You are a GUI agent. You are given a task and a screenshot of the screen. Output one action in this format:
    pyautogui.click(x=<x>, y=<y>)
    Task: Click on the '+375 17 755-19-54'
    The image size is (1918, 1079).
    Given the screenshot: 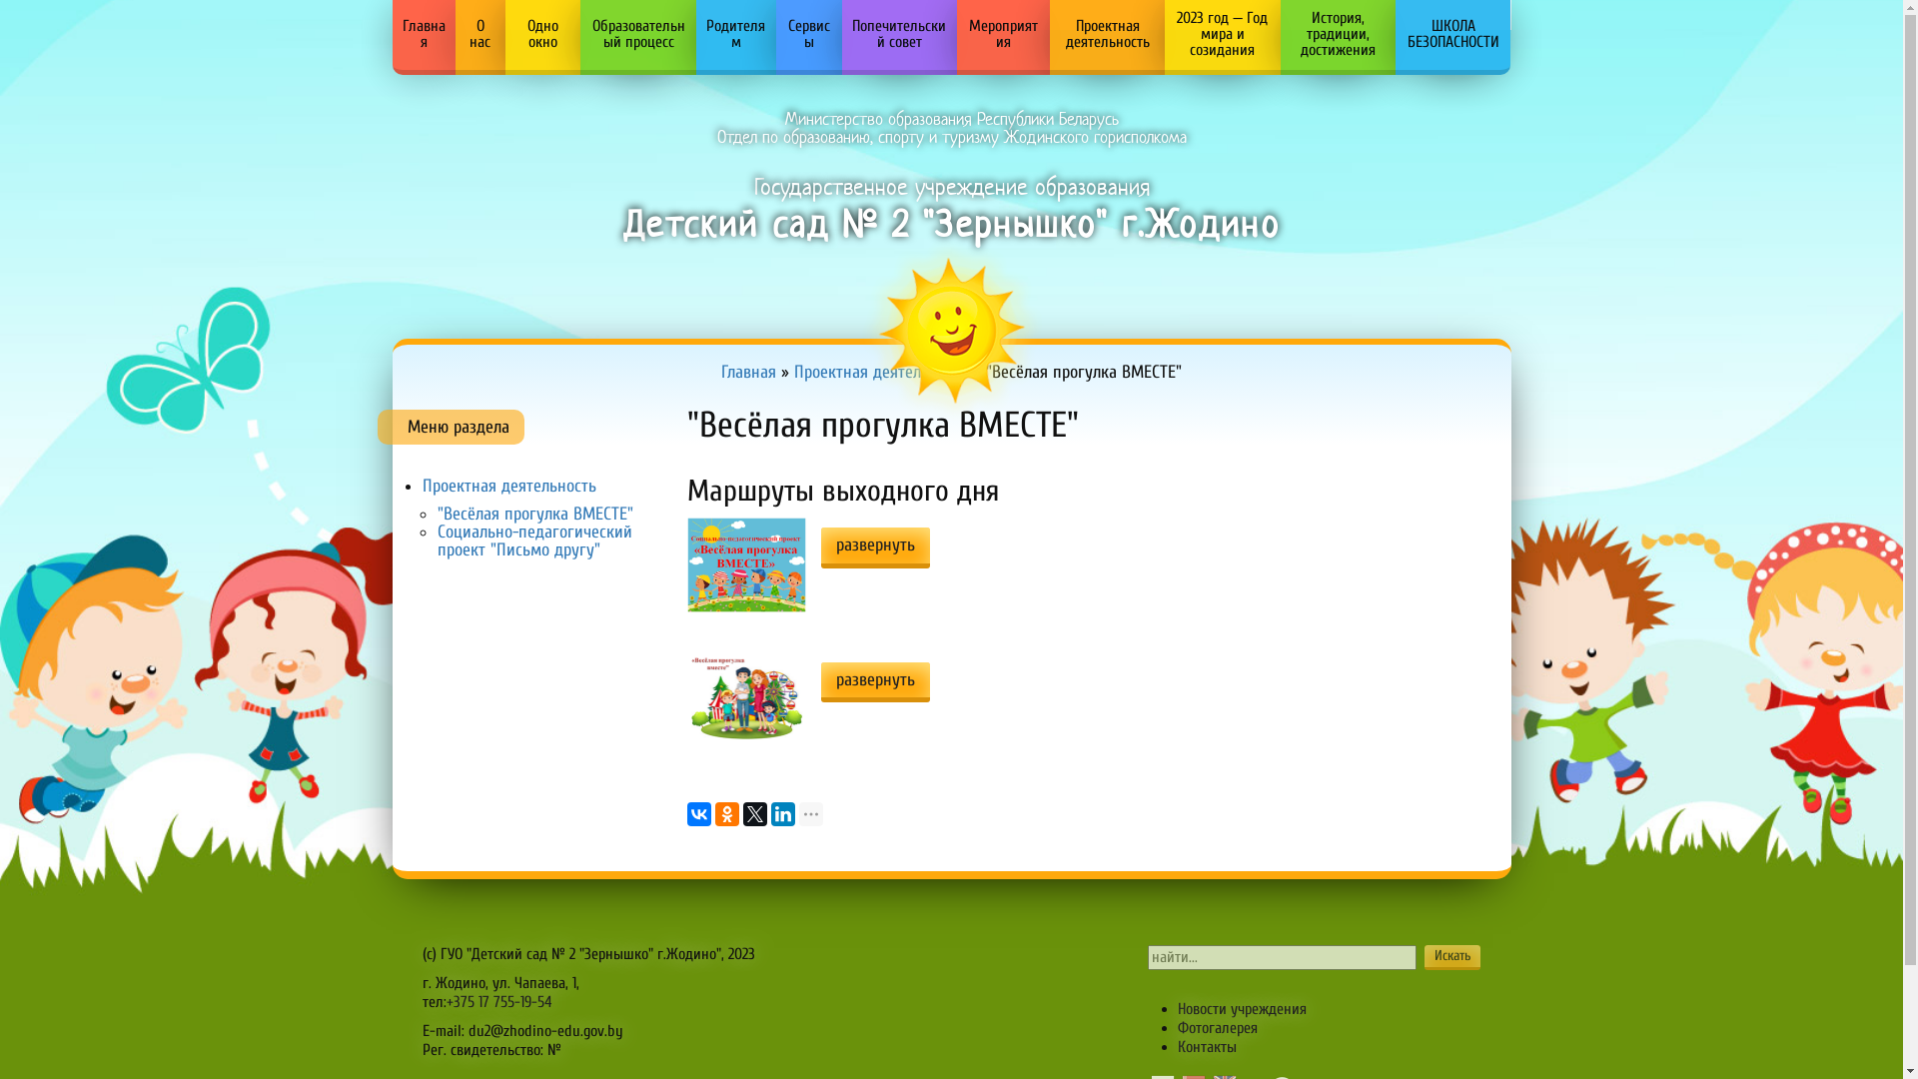 What is the action you would take?
    pyautogui.click(x=445, y=1001)
    